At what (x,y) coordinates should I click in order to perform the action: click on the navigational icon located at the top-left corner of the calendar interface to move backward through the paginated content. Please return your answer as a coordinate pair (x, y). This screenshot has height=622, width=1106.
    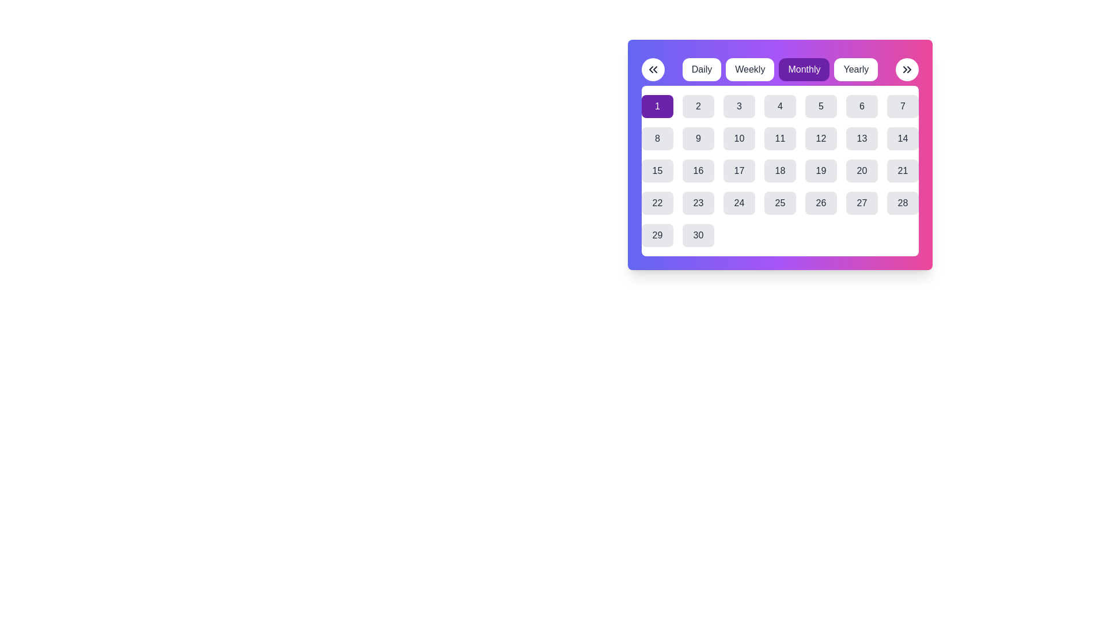
    Looking at the image, I should click on (653, 69).